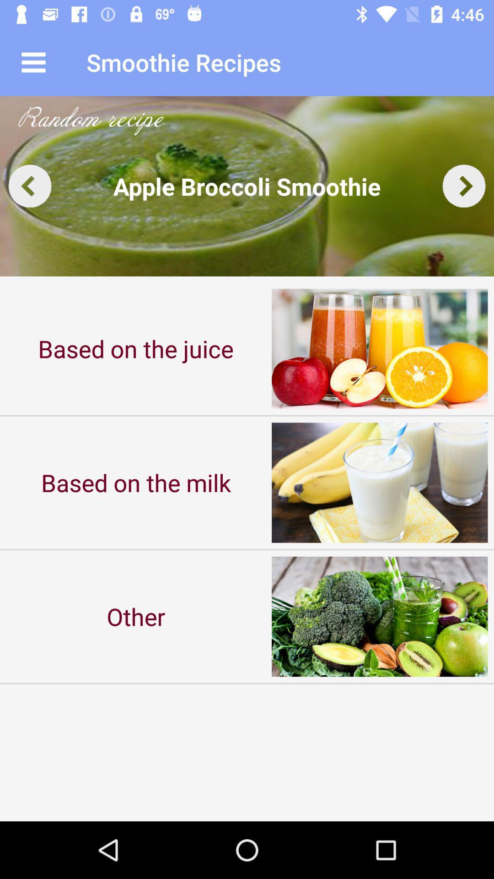  I want to click on click the auto play, so click(247, 185).